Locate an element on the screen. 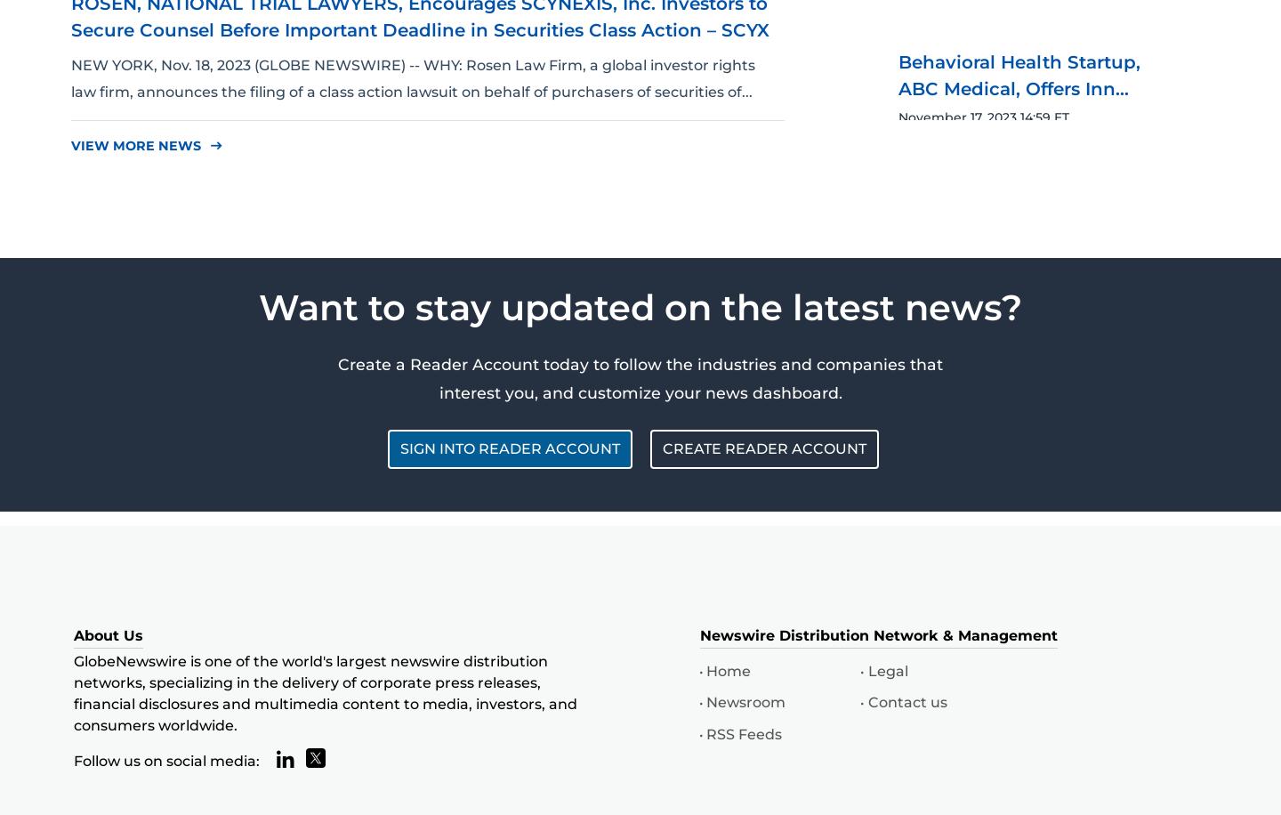 The height and width of the screenshot is (815, 1281). 'November 17, 2023 14:59 ET' is located at coordinates (983, 116).